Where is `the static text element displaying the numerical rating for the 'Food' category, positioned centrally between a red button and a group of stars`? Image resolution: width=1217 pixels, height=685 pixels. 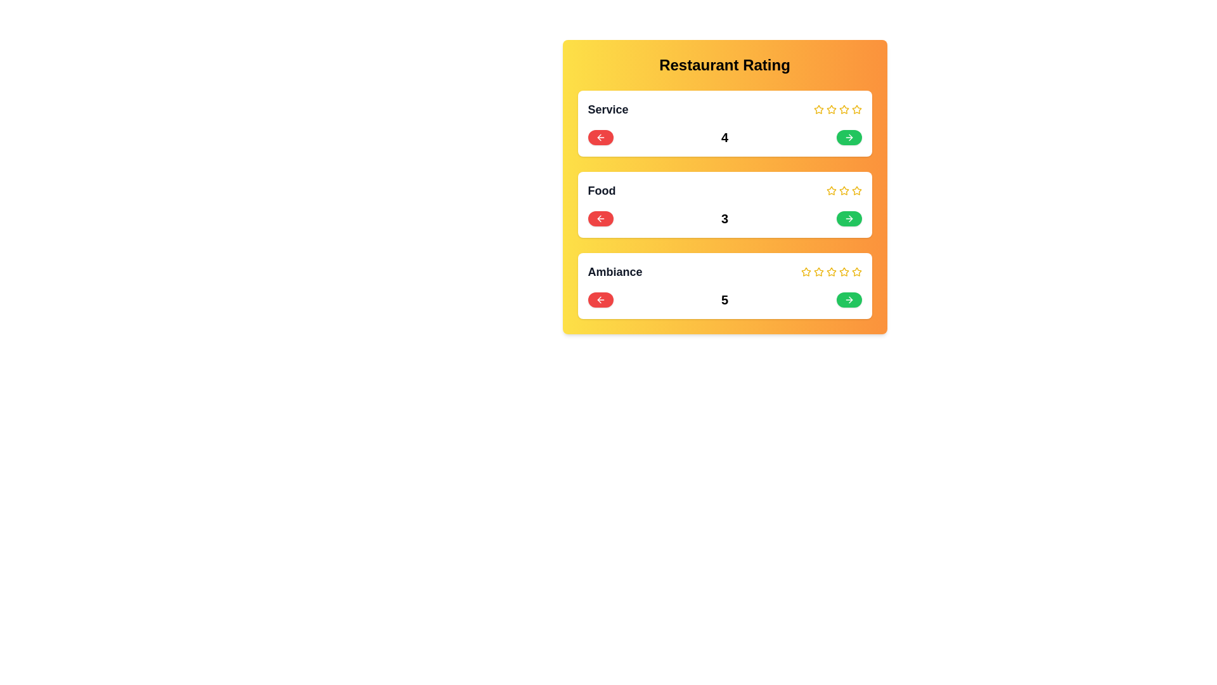
the static text element displaying the numerical rating for the 'Food' category, positioned centrally between a red button and a group of stars is located at coordinates (724, 218).